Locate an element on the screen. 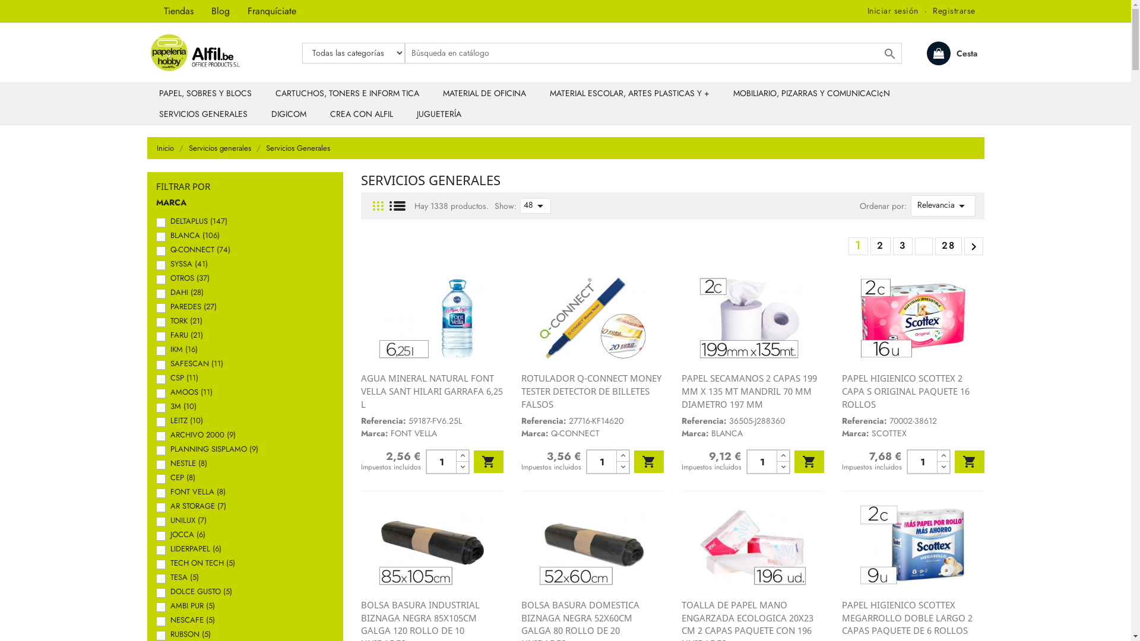 Image resolution: width=1140 pixels, height=641 pixels. 'SERVICIOS GENERALES' is located at coordinates (203, 114).